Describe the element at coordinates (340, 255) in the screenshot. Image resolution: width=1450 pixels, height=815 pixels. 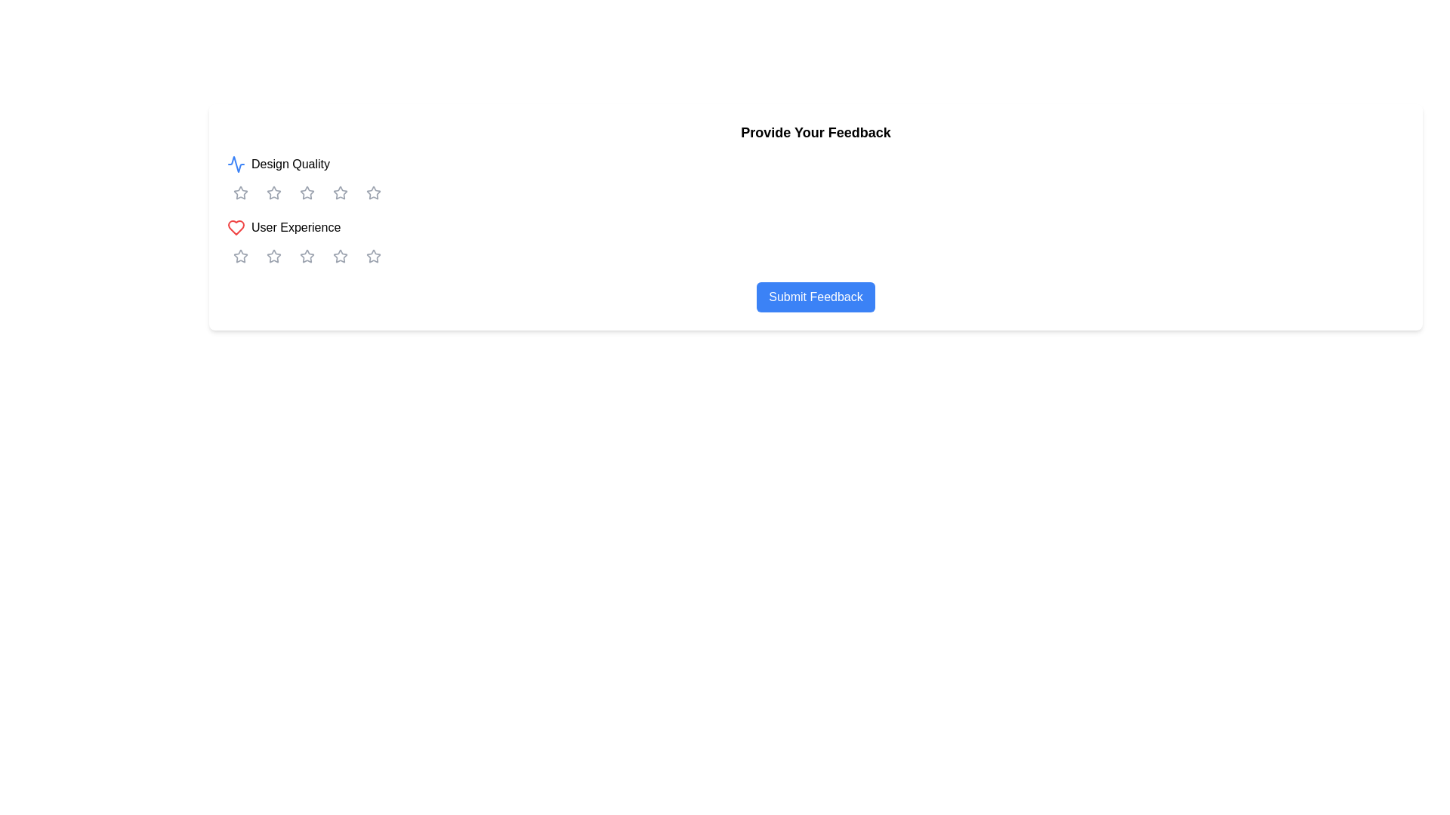
I see `the fourth star in the horizontal row under the 'User Experience' section to rate it` at that location.